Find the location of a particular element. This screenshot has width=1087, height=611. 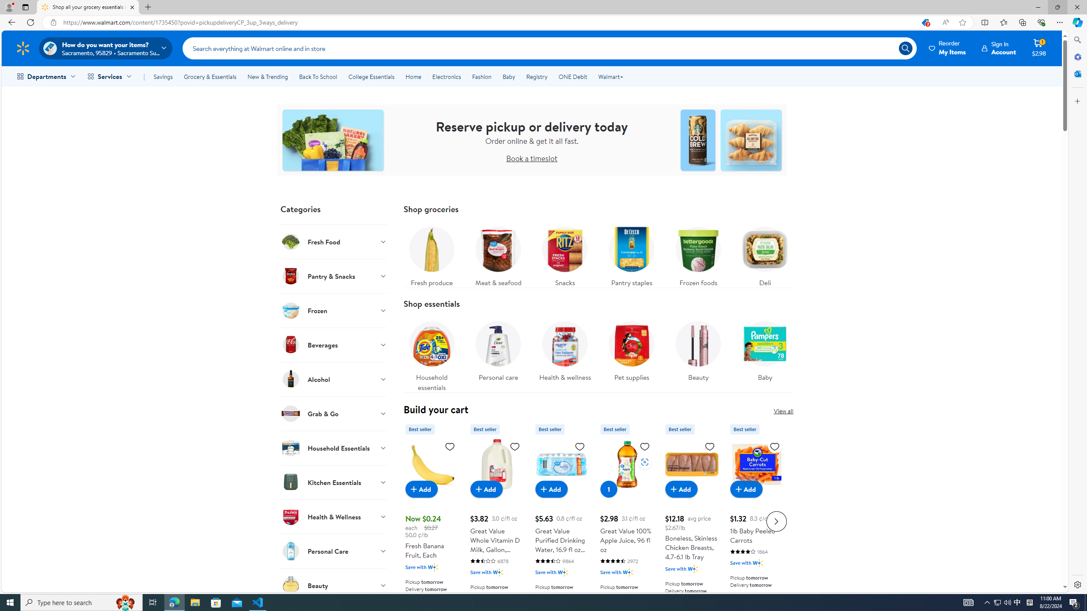

'Add to cart - Fresh Banana Fruit, Each' is located at coordinates (421, 489).